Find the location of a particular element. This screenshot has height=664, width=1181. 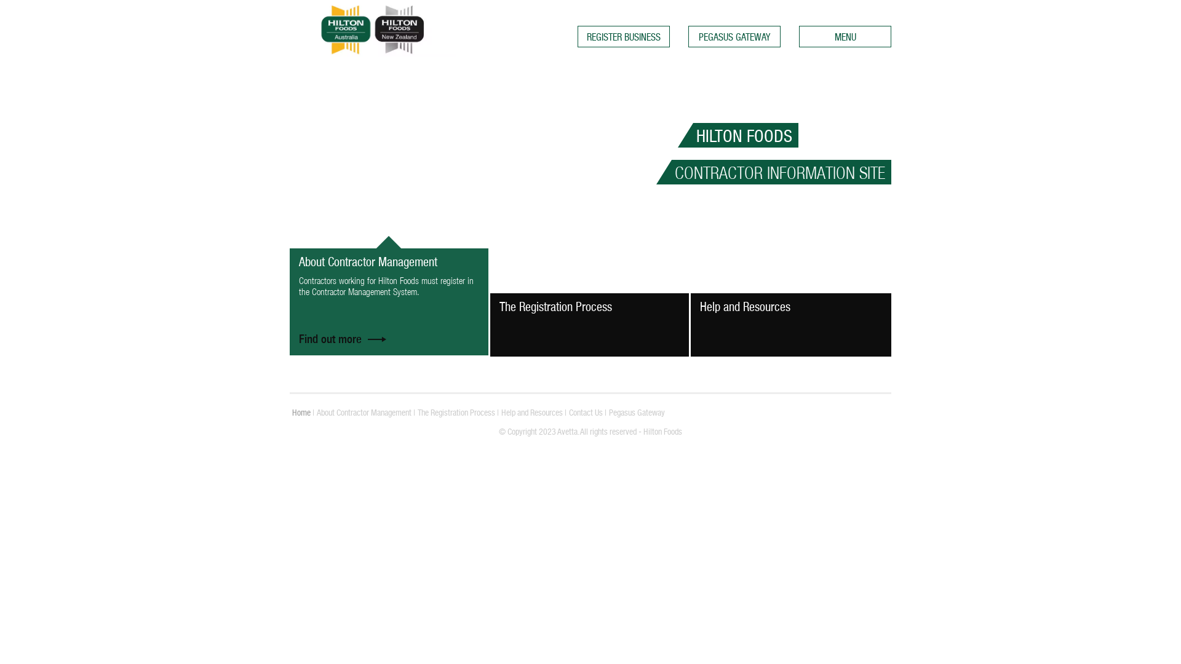

'Home' is located at coordinates (301, 413).